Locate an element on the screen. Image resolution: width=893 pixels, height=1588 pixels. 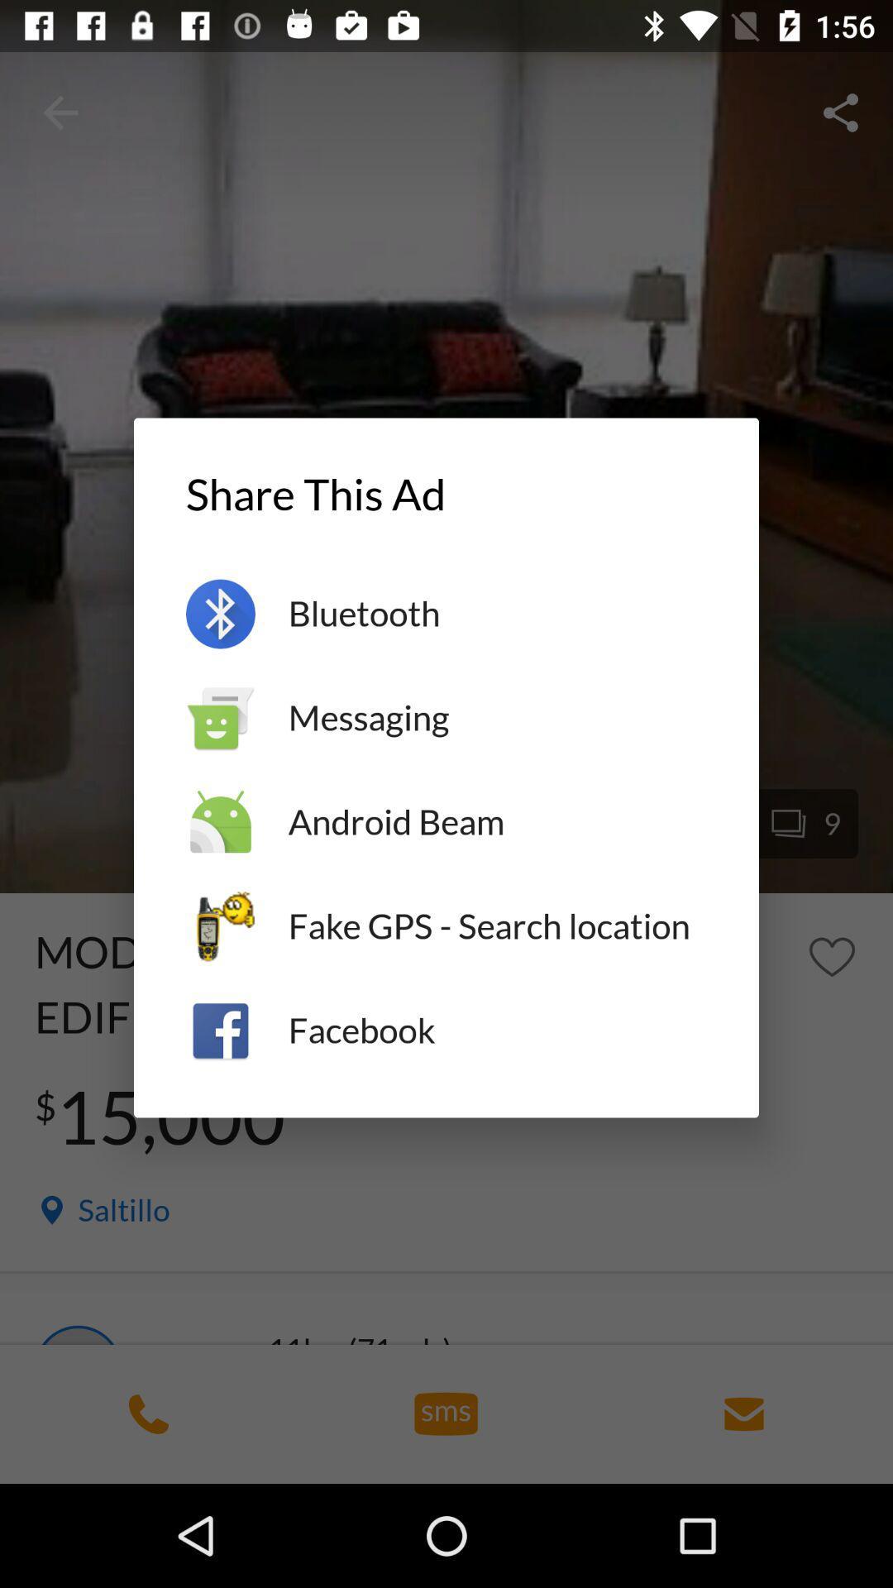
messaging item is located at coordinates (496, 718).